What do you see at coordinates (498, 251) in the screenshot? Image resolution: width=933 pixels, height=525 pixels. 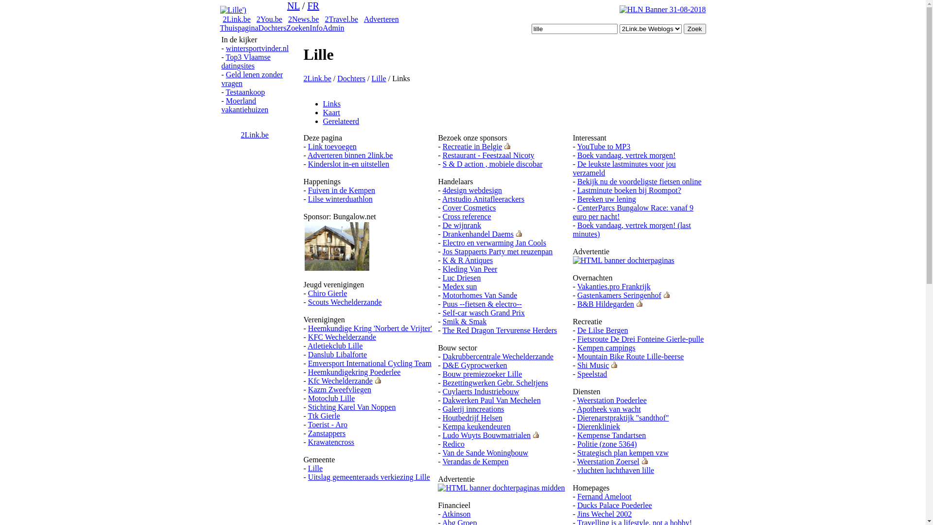 I see `'Jos Stappaerts Party met reuzenpan'` at bounding box center [498, 251].